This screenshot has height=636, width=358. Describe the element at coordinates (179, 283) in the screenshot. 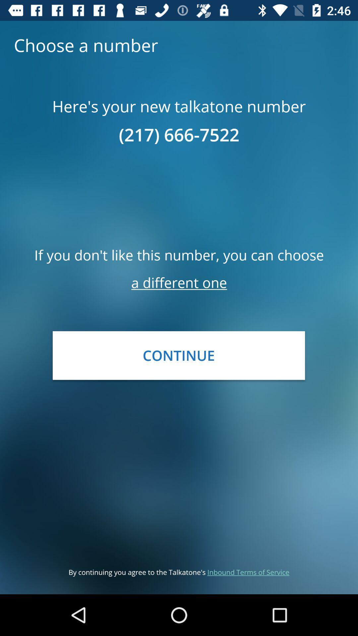

I see `item above continue item` at that location.